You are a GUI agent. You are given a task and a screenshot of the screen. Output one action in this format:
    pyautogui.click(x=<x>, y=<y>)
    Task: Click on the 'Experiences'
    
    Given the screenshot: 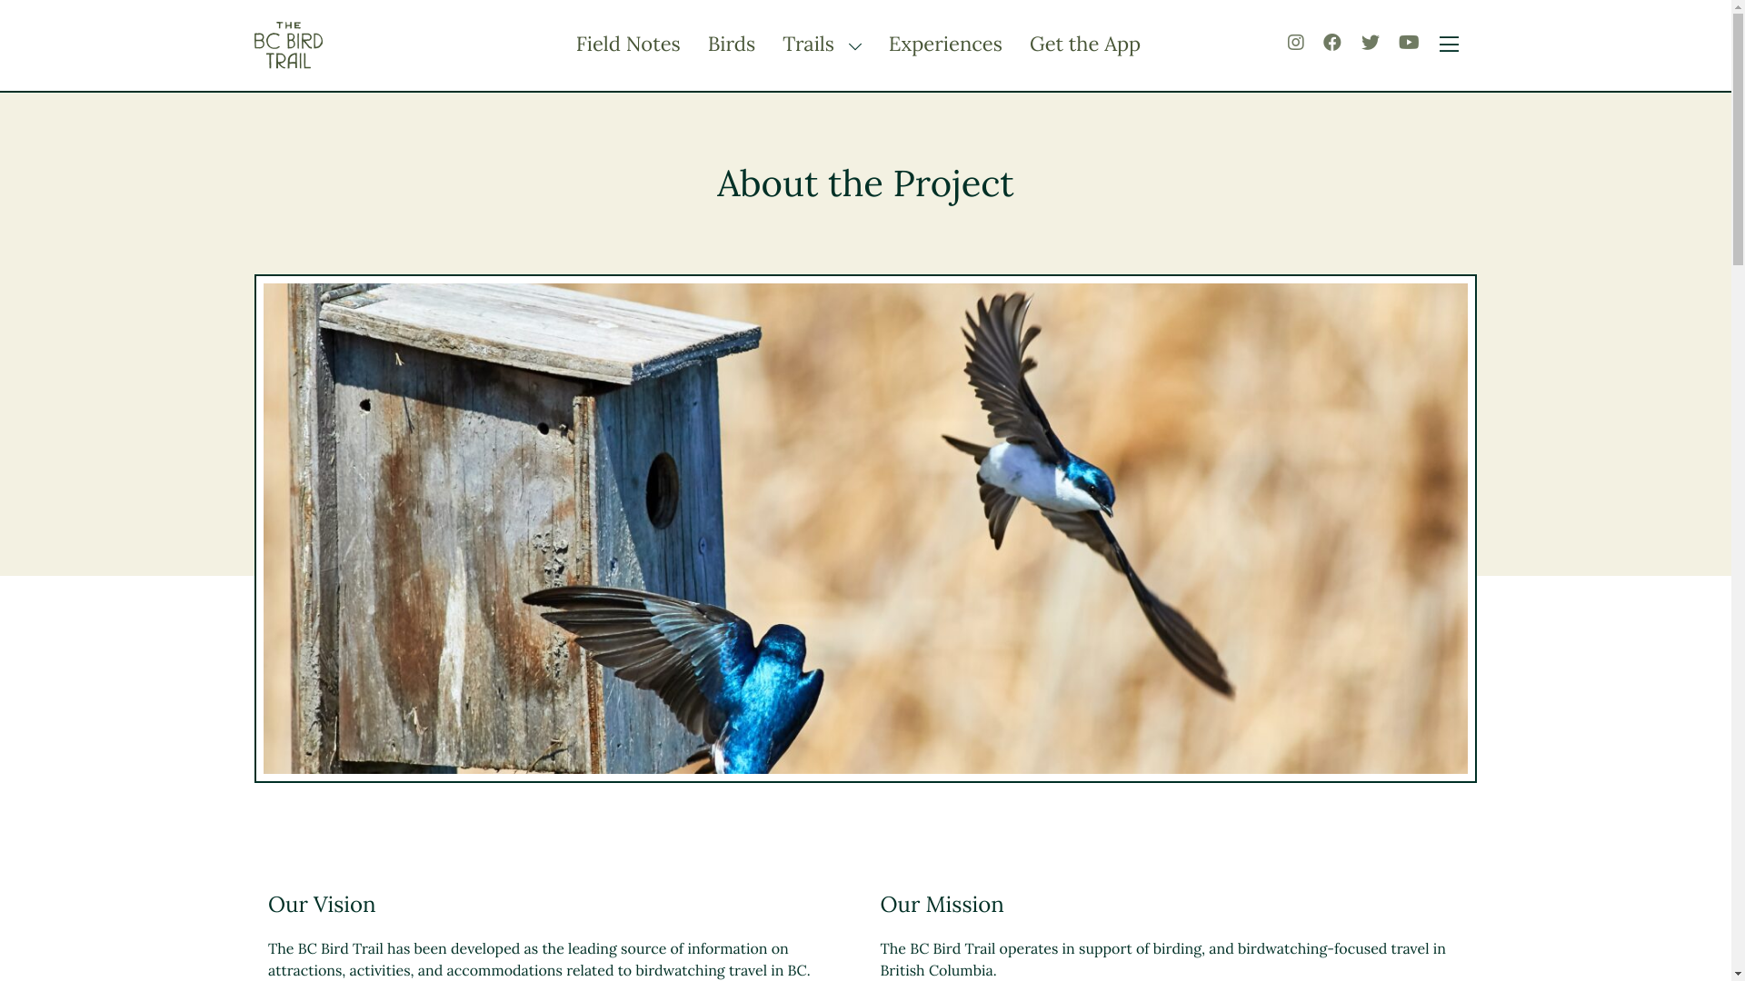 What is the action you would take?
    pyautogui.click(x=945, y=44)
    